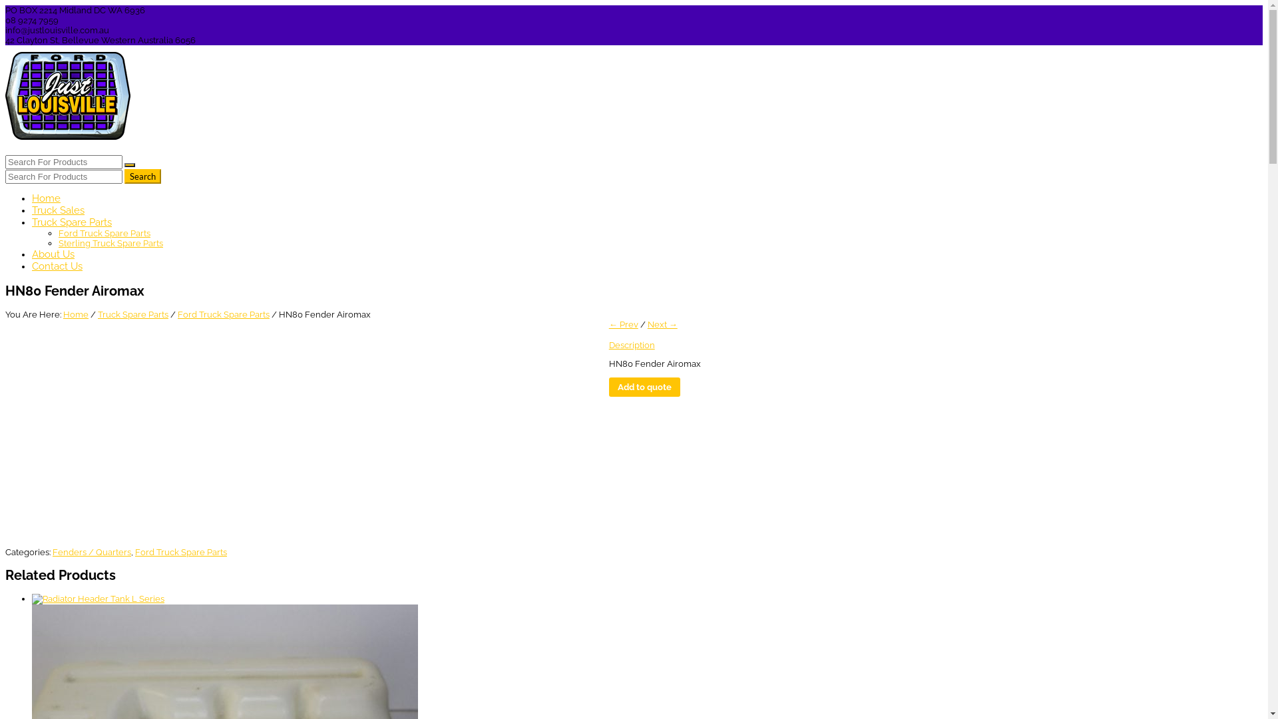 The width and height of the screenshot is (1278, 719). What do you see at coordinates (53, 254) in the screenshot?
I see `'About Us'` at bounding box center [53, 254].